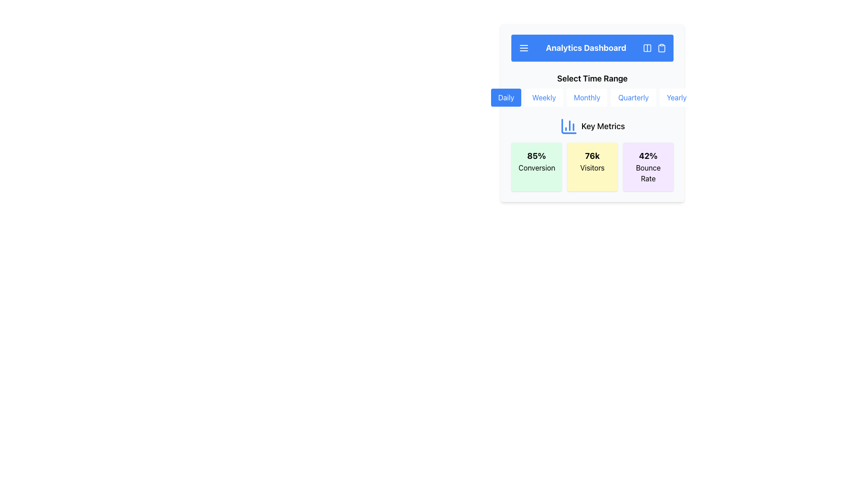 Image resolution: width=865 pixels, height=486 pixels. Describe the element at coordinates (661, 48) in the screenshot. I see `the clipboard icon located to the right of the 'Analytics Dashboard' text in the header section` at that location.